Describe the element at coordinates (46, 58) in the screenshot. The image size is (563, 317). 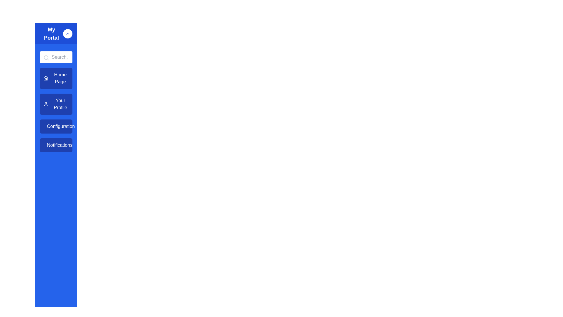
I see `the left circle of the magnifying glass visualization in the search icon, which represents the handle of the magnifying glass` at that location.